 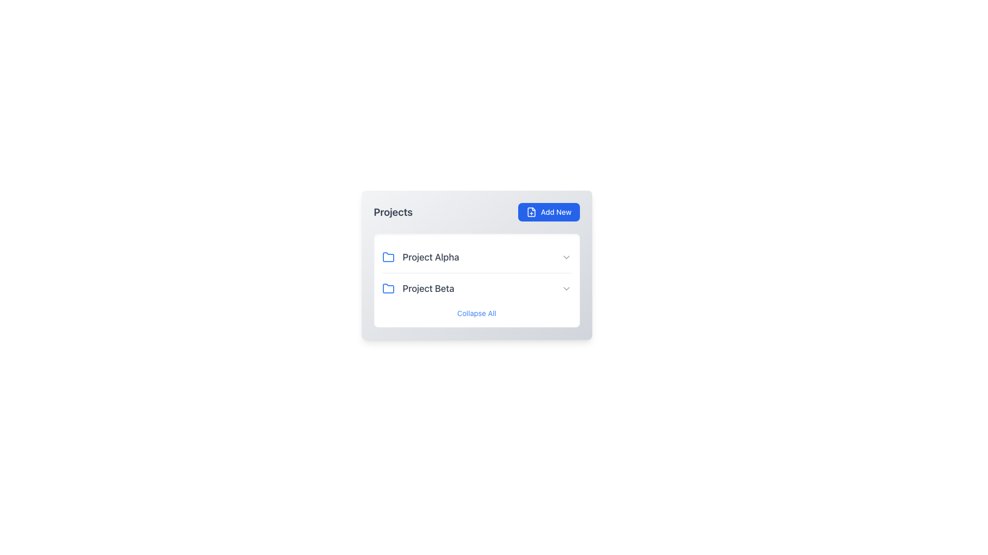 I want to click on the 'Add New' button located at the top-right corner of the 'Projects' section, so click(x=548, y=211).